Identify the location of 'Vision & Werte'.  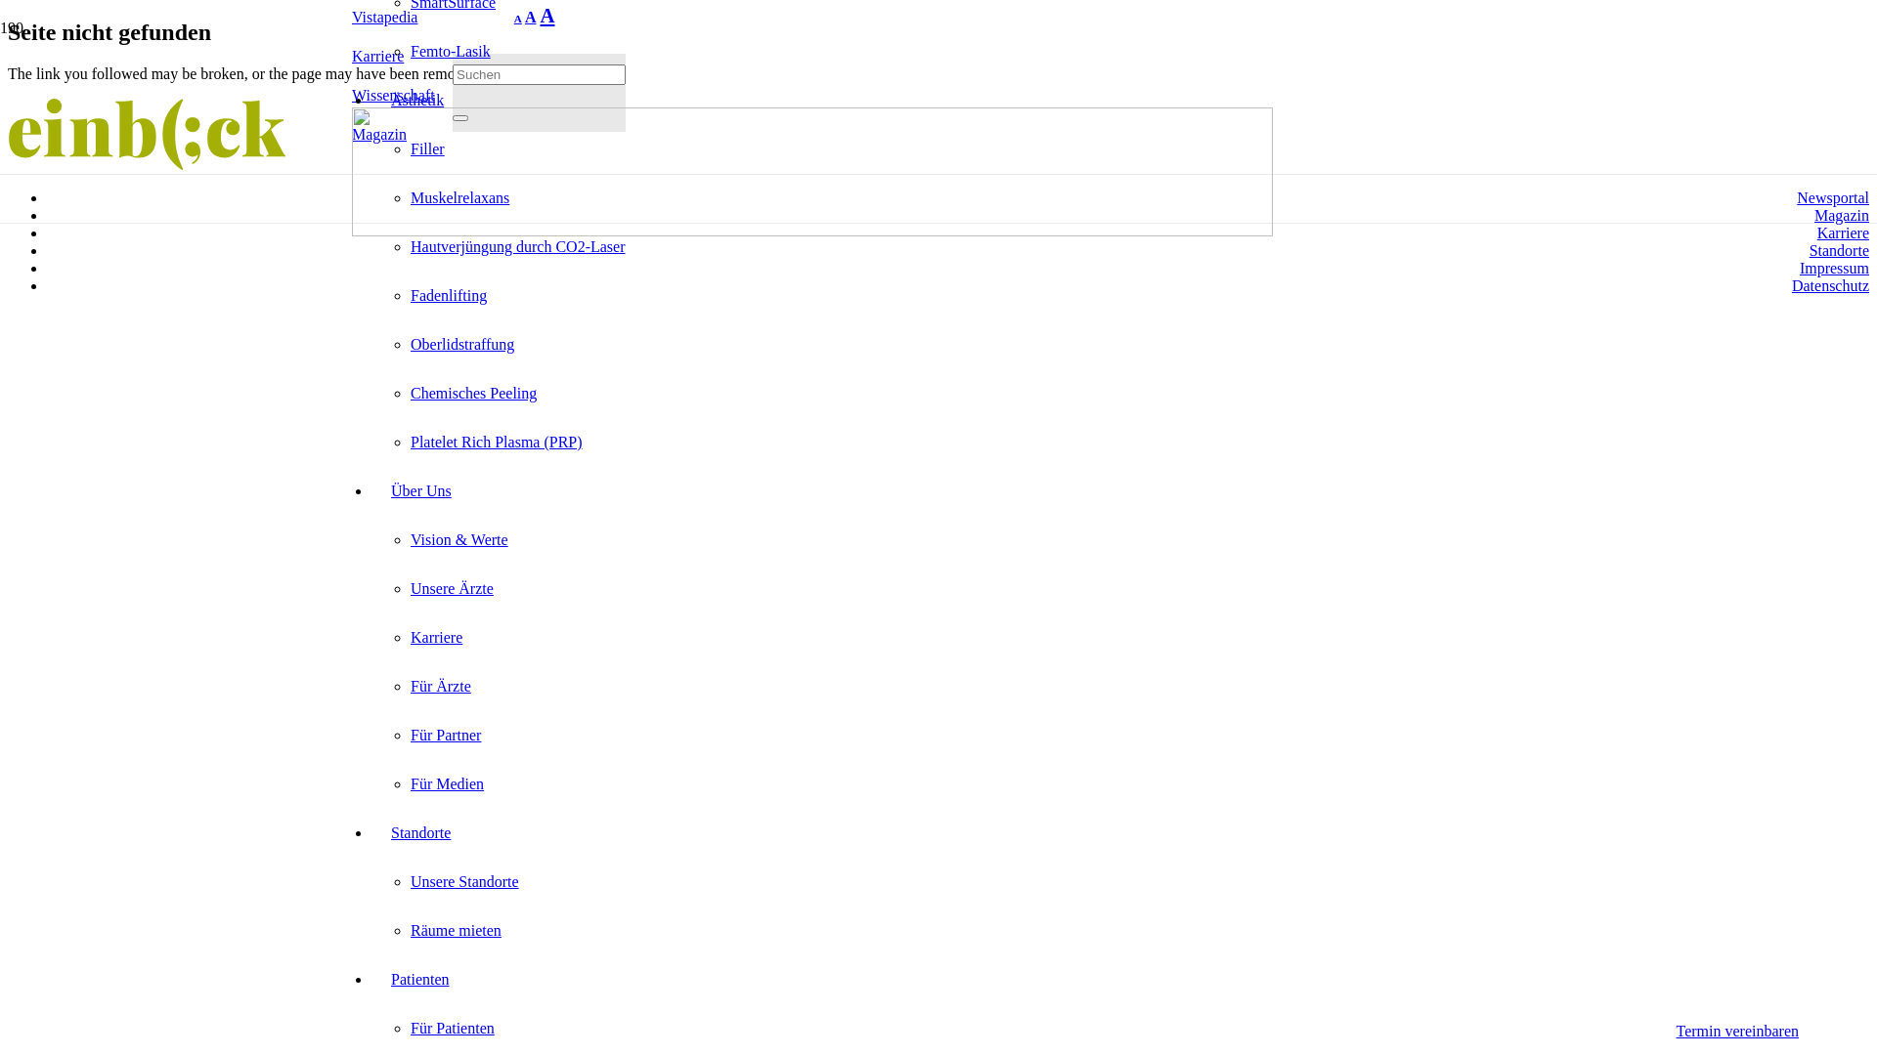
(458, 539).